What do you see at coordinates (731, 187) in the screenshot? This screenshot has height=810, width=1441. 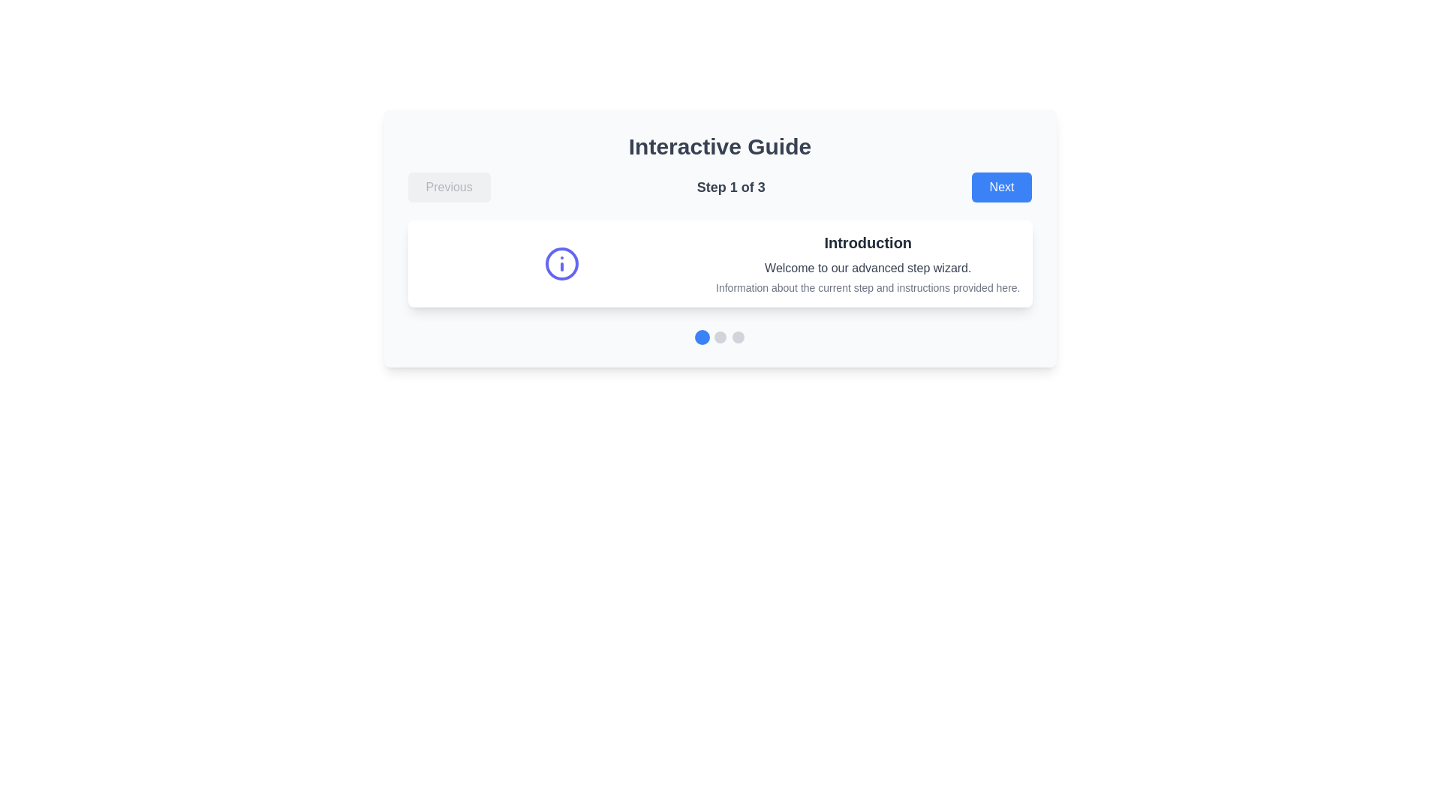 I see `the Text display that indicates the user's current step in a multi-step process, positioned between the 'Previous' and 'Next' buttons` at bounding box center [731, 187].